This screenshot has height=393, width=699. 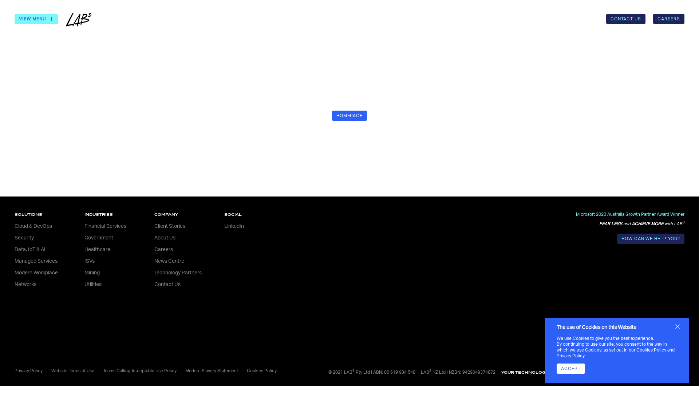 What do you see at coordinates (140, 370) in the screenshot?
I see `'Teams Calling Acceptable Use Policy'` at bounding box center [140, 370].